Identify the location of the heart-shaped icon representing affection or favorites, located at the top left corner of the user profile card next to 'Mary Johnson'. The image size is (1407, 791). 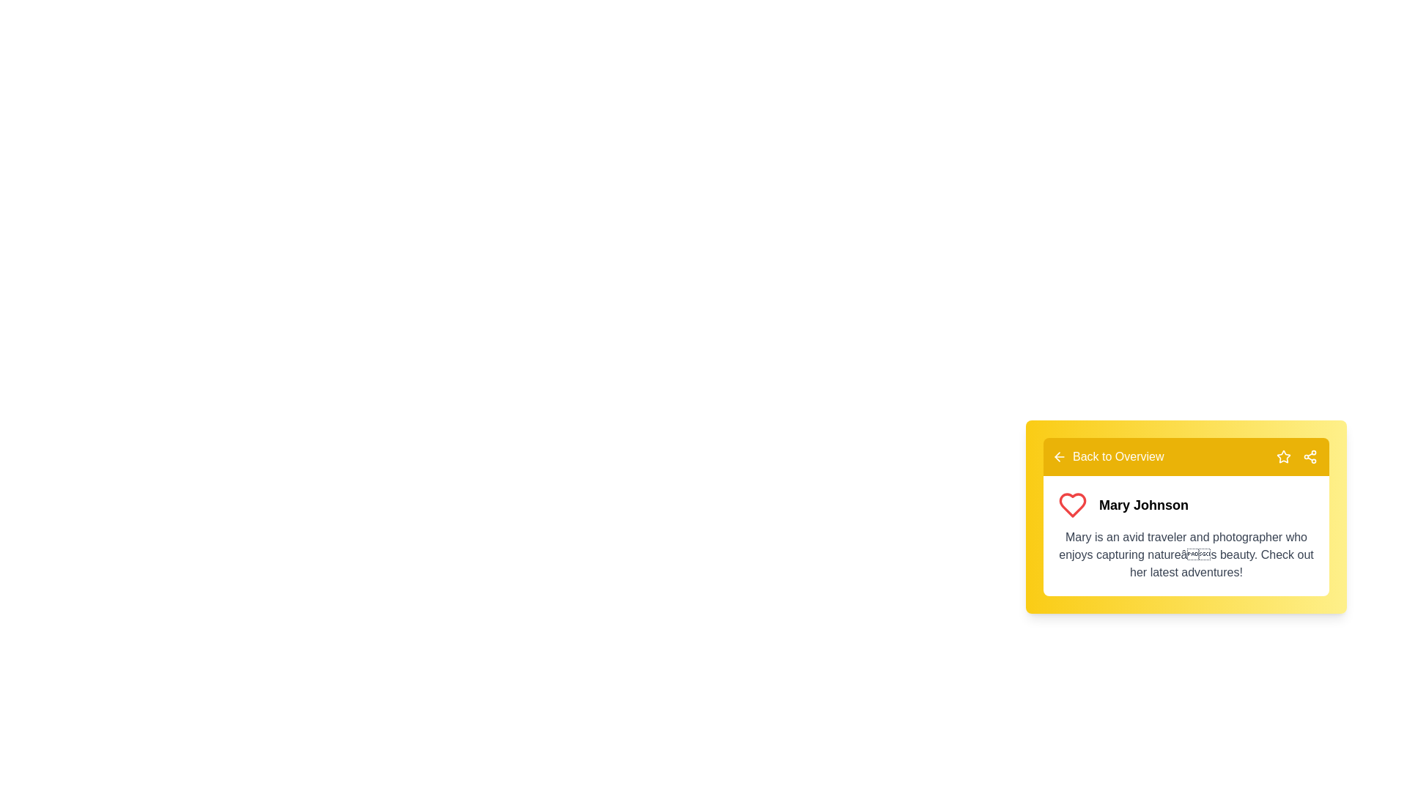
(1073, 505).